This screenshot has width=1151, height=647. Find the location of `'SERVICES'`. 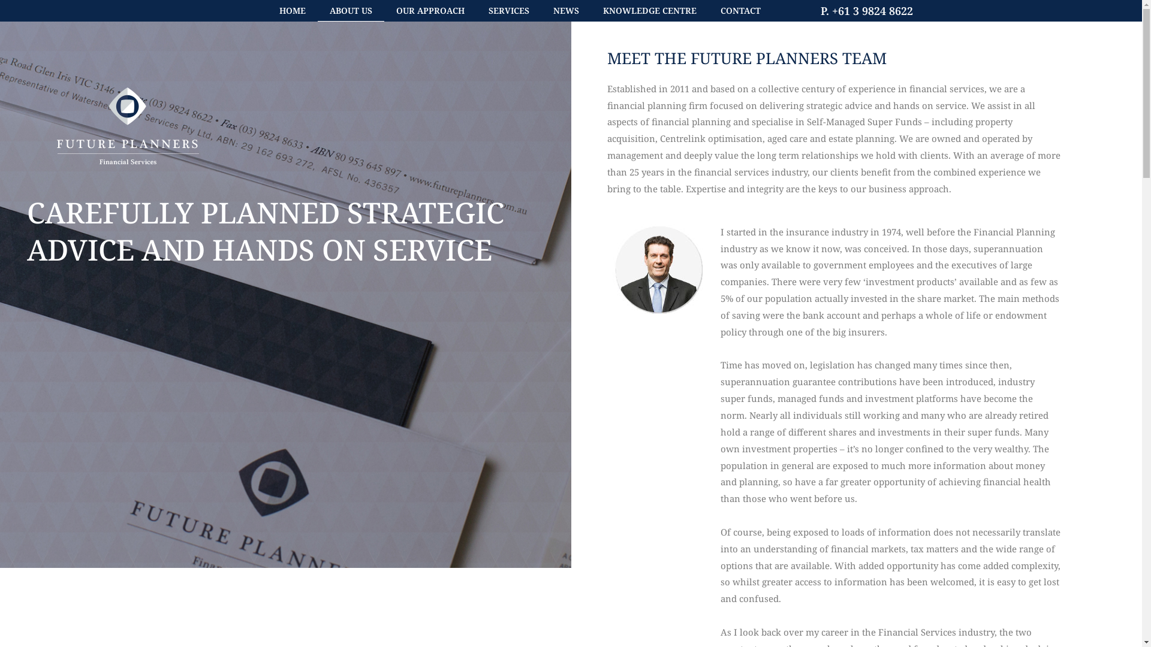

'SERVICES' is located at coordinates (508, 11).